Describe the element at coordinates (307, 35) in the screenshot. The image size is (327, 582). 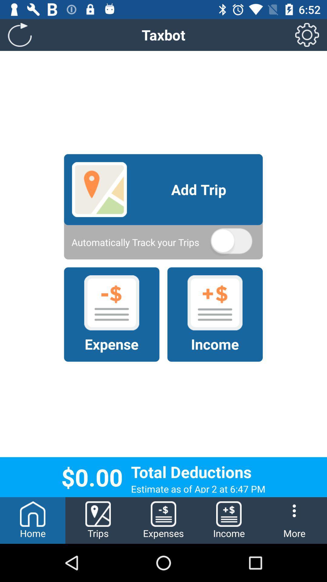
I see `item at the top right corner` at that location.